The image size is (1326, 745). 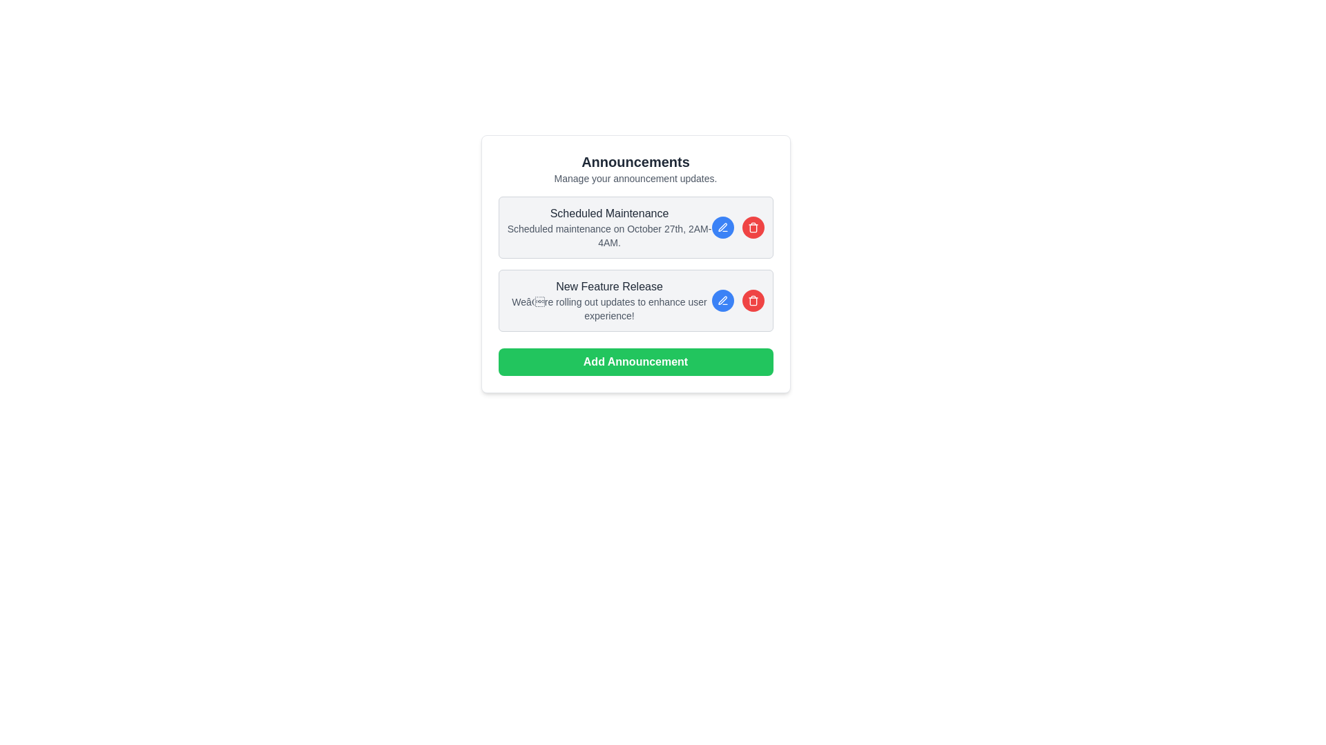 What do you see at coordinates (722, 227) in the screenshot?
I see `the pen icon inside the blue circular button used for editing, located on the right side of the 'Scheduled Maintenance' announcement section` at bounding box center [722, 227].